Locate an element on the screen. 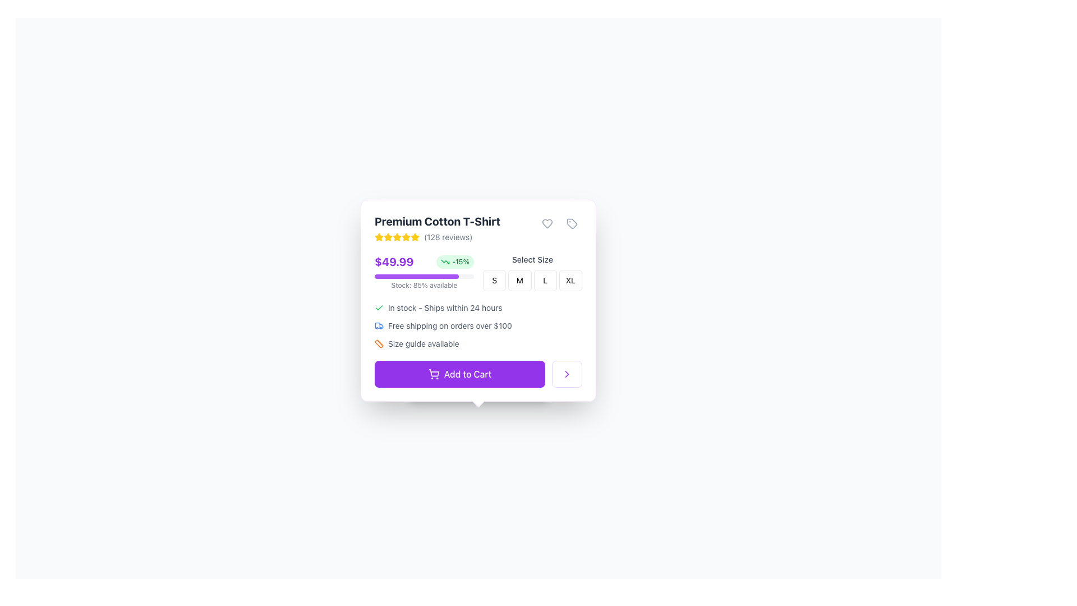 The image size is (1077, 606). the 'M' size button, which is the second button in the sequence of size options 'S', 'M', 'L', 'XL', located slightly right of the center of the layout card is located at coordinates (519, 280).